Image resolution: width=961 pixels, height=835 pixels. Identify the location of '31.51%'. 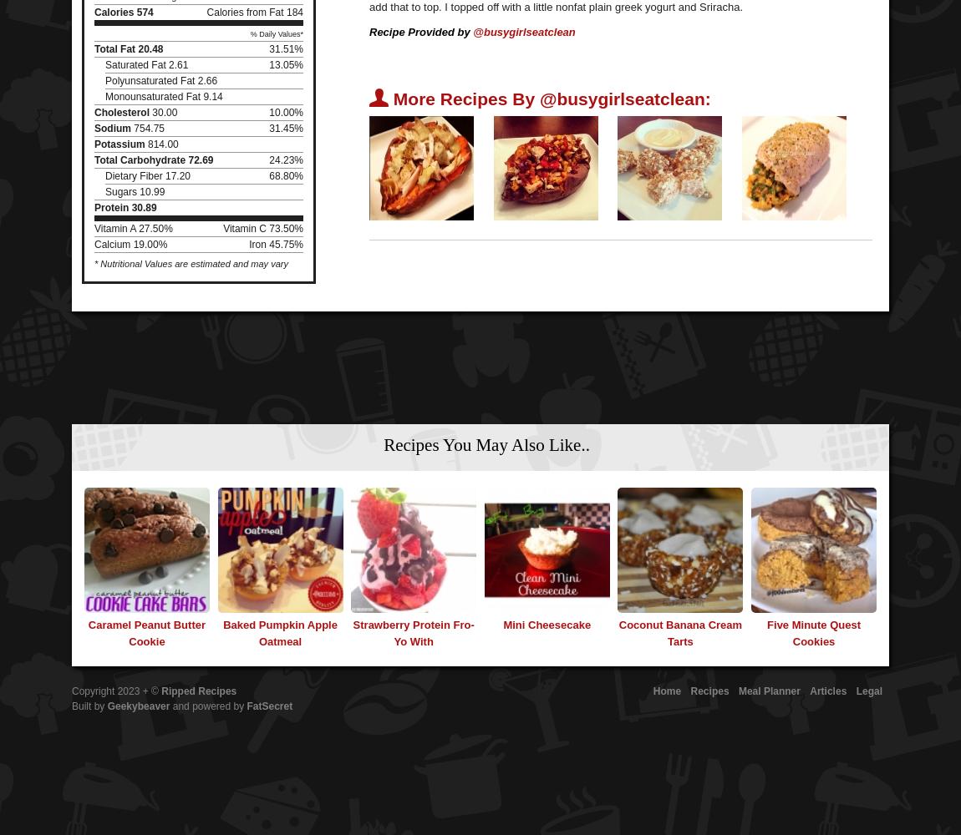
(286, 49).